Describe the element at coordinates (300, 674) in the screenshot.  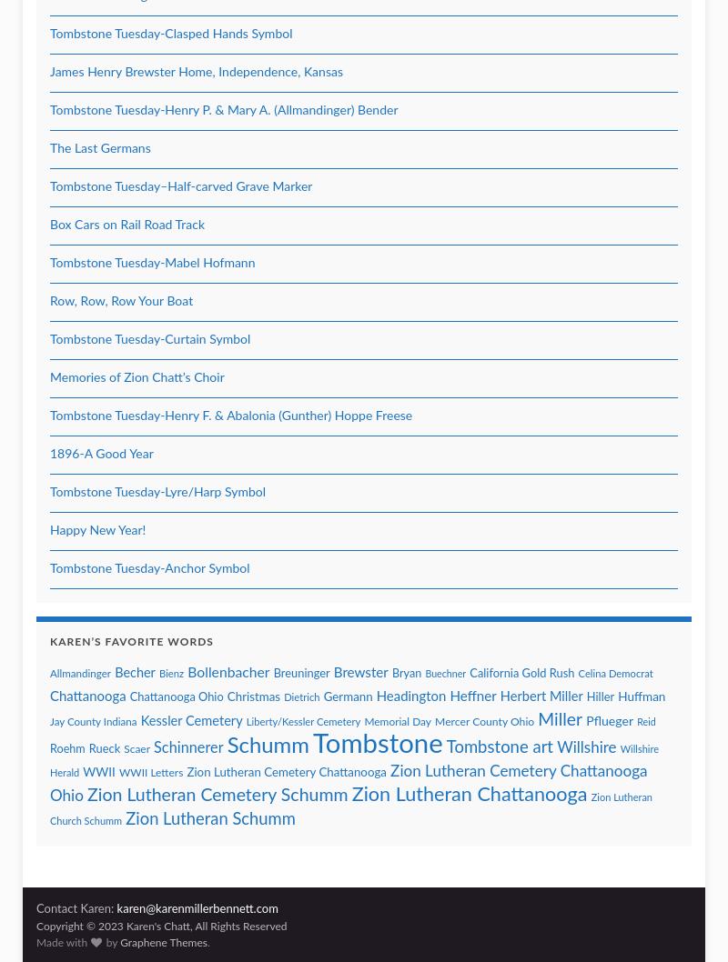
I see `'Breuninger'` at that location.